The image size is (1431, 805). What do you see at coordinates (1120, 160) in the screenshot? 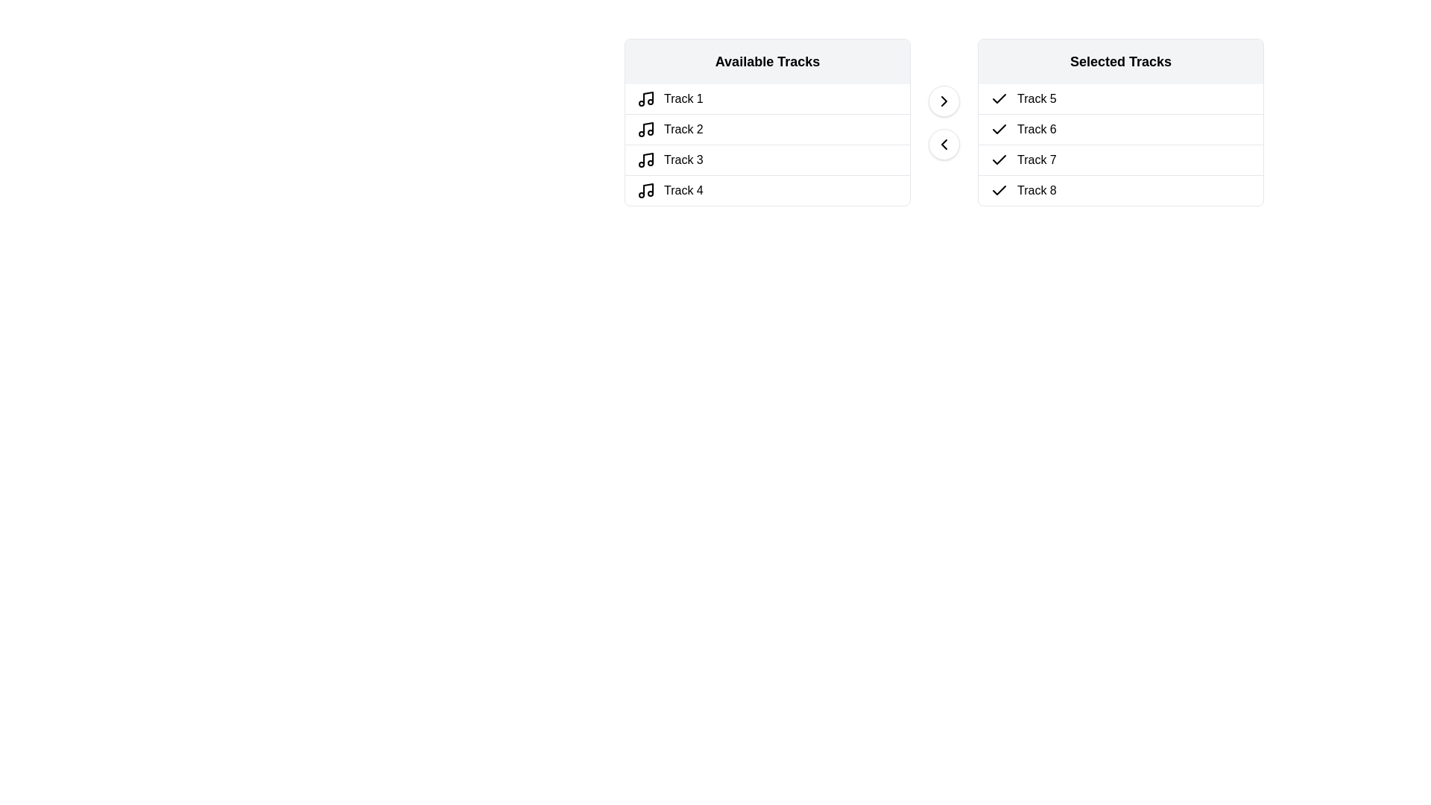
I see `the selected list item indicating 'Track 7', which is the third item in the 'Selected Tracks' list, located in the right-hand column between 'Track 6' and 'Track 8'` at bounding box center [1120, 160].